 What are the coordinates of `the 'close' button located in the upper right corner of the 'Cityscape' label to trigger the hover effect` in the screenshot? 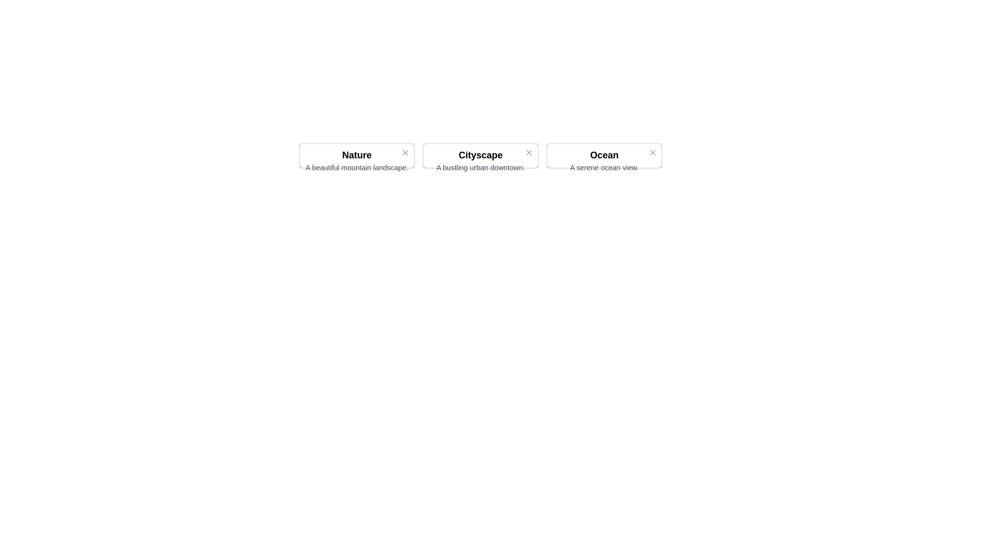 It's located at (529, 152).